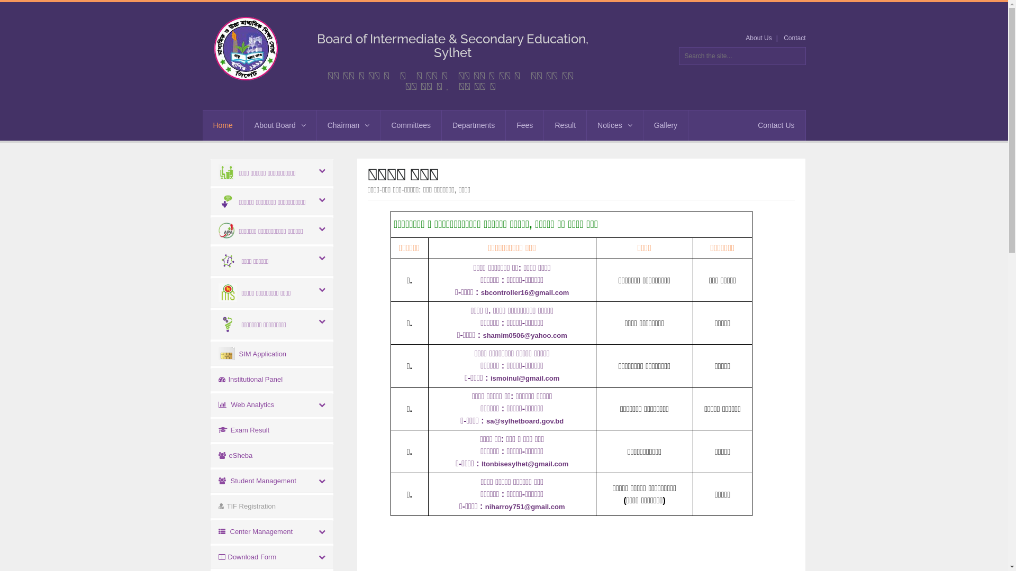 The width and height of the screenshot is (1016, 571). Describe the element at coordinates (543, 125) in the screenshot. I see `'Result'` at that location.